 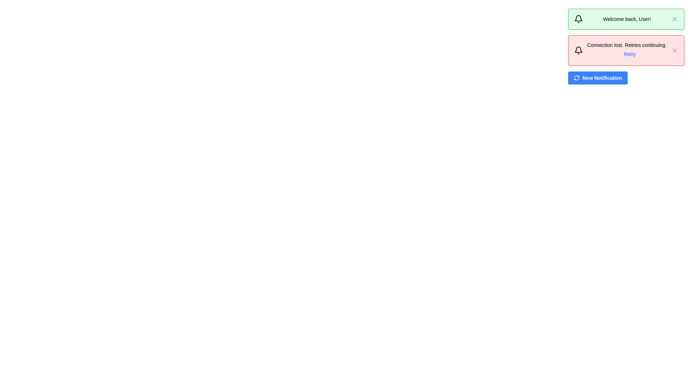 I want to click on the circular arrow icon with a blue background and white outline, which is located to the left of the text label in the 'New Notification' button, so click(x=576, y=78).